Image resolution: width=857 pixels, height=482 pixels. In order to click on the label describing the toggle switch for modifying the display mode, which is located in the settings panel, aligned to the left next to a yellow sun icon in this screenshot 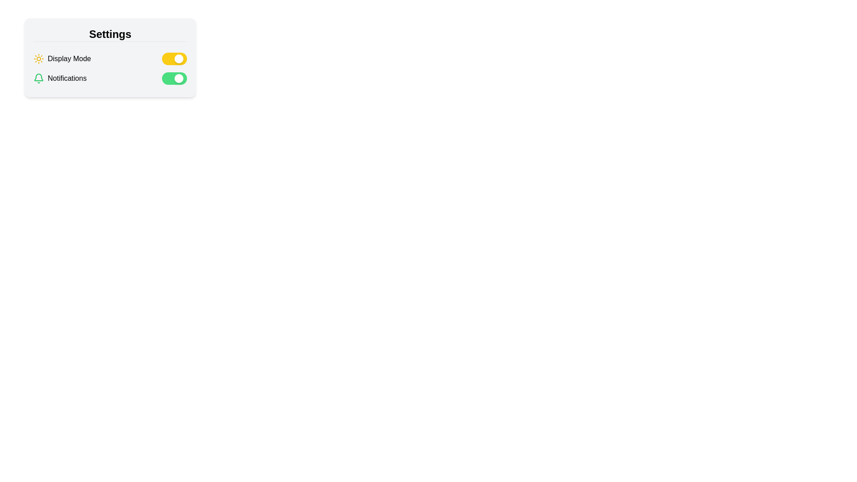, I will do `click(69, 58)`.